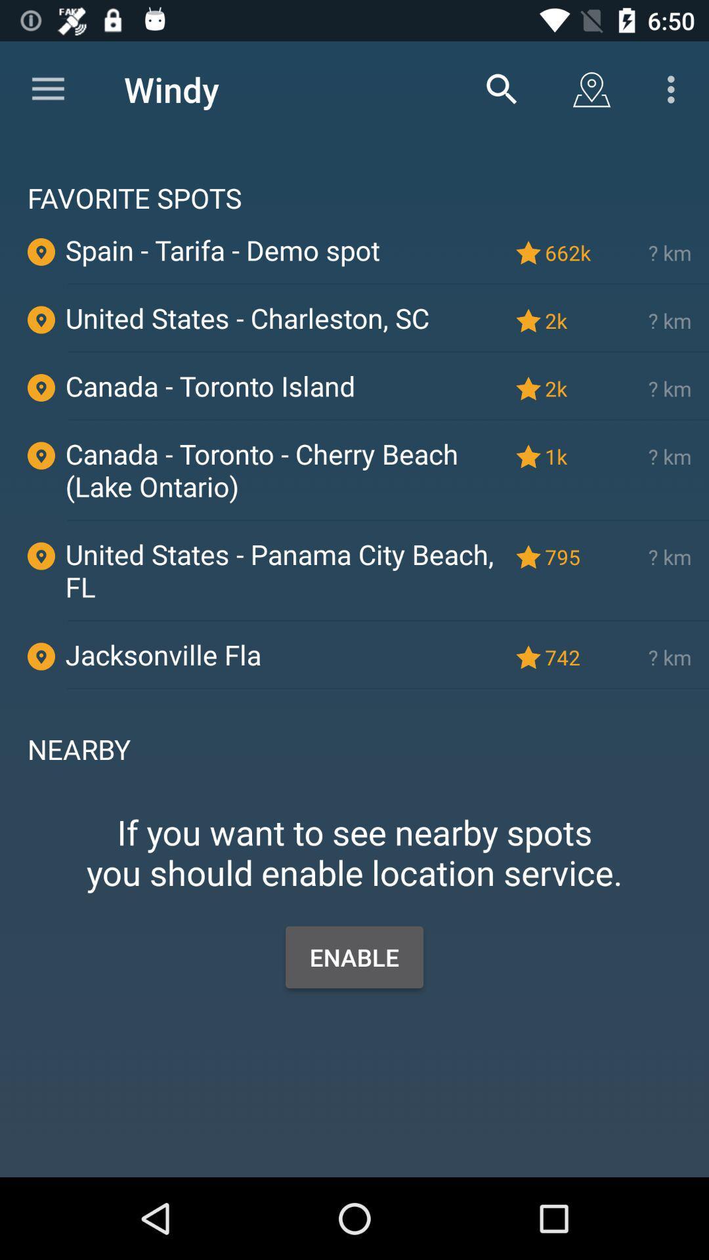  Describe the element at coordinates (47, 89) in the screenshot. I see `the icon to the left of the windy item` at that location.